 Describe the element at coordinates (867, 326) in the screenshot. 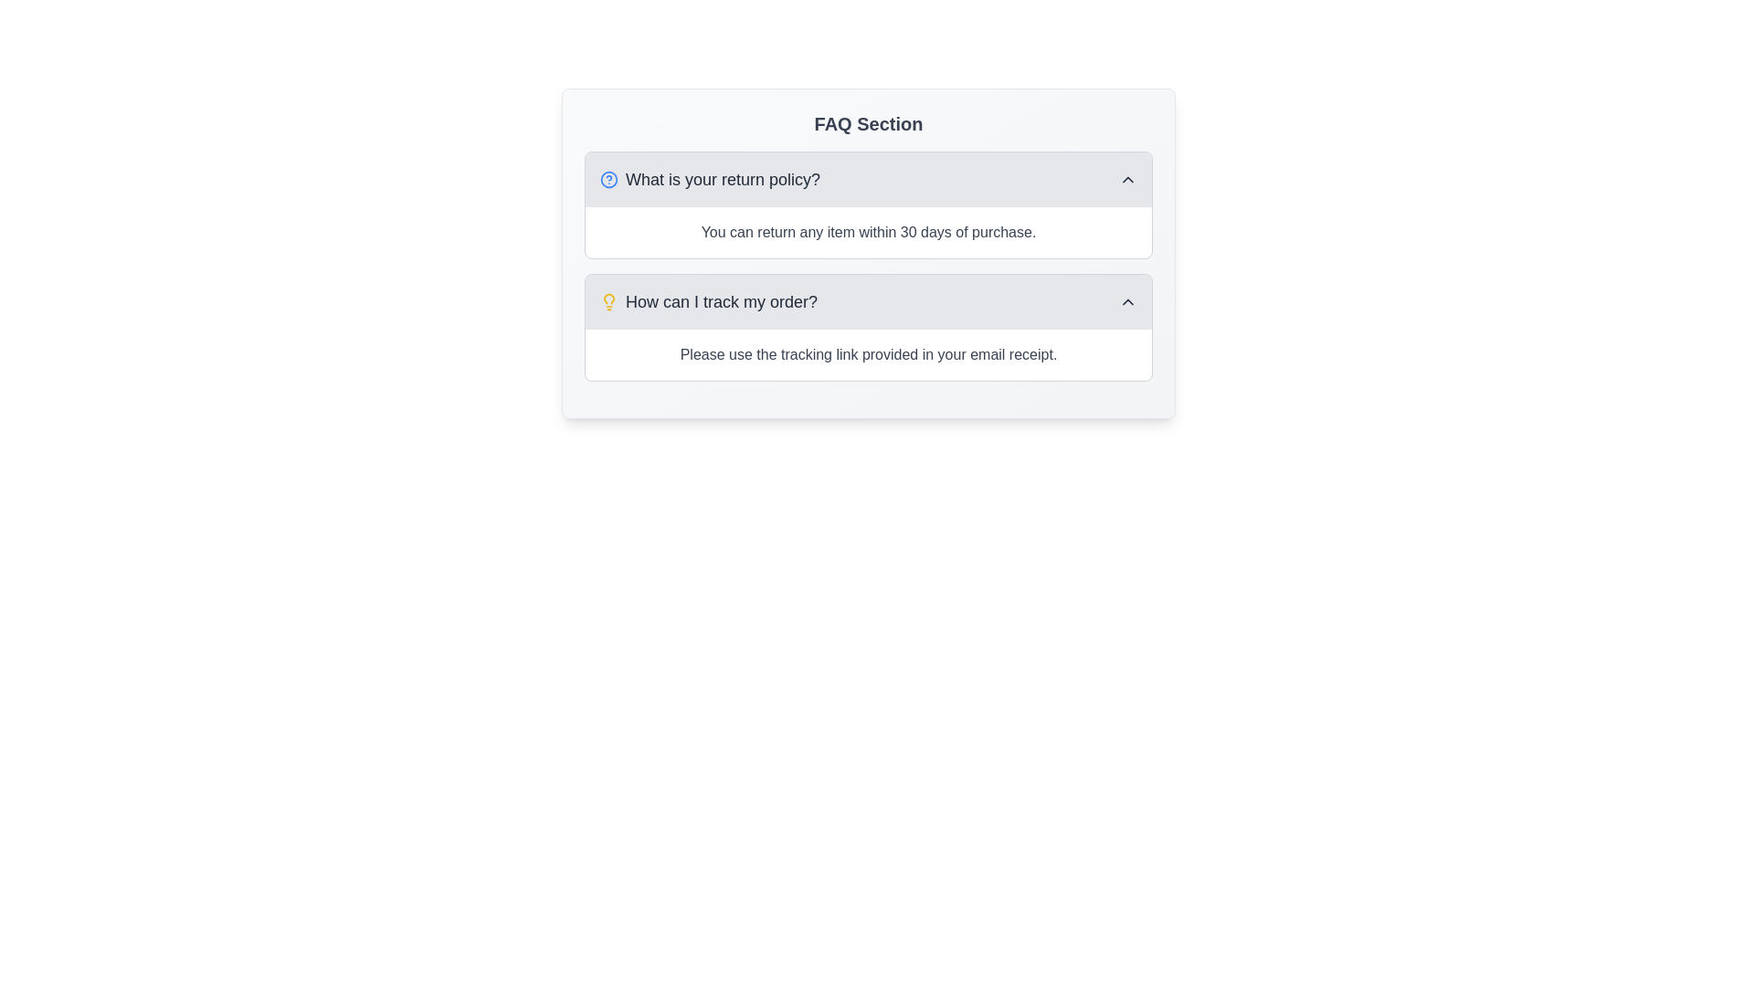

I see `the second collapsible FAQ item that answers 'How can I track my order?' to read the content inside` at that location.